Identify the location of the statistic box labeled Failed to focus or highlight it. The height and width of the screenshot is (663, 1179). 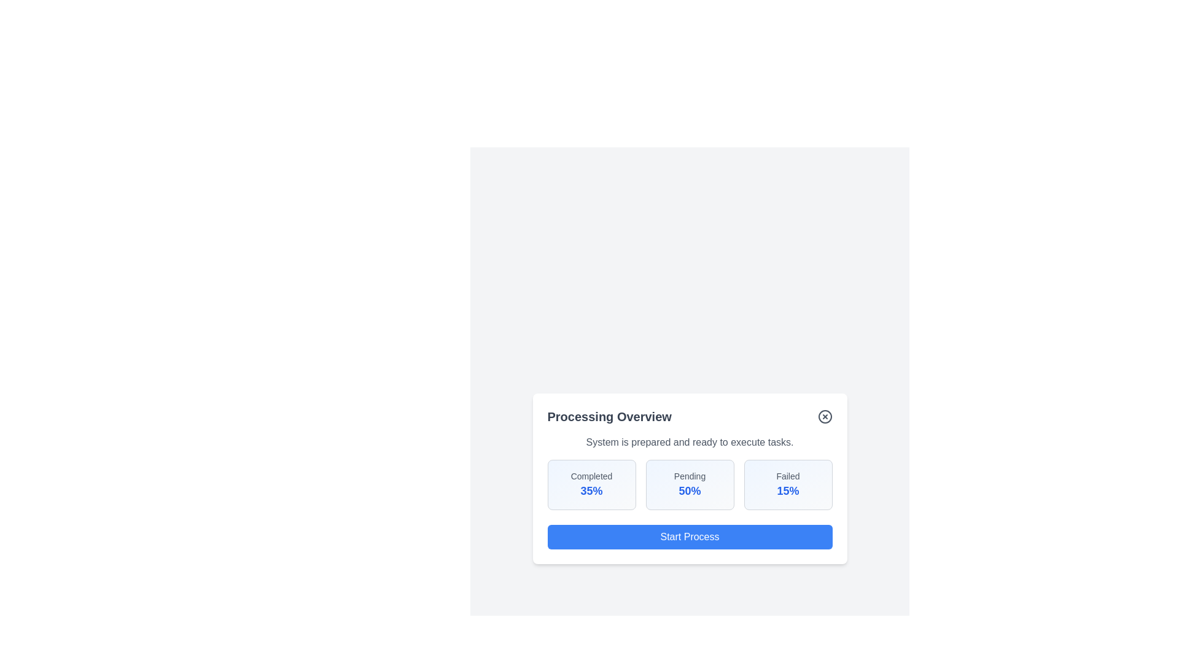
(788, 484).